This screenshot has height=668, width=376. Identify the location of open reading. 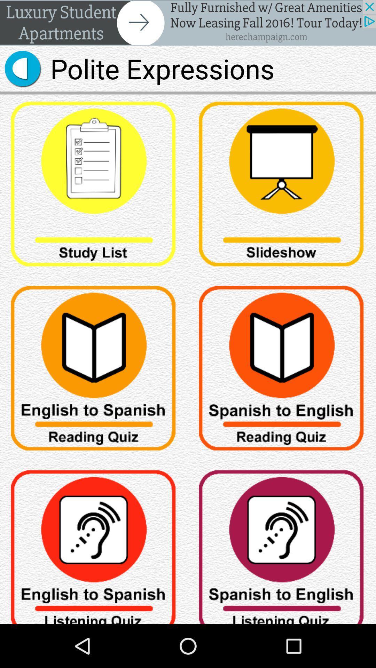
(282, 370).